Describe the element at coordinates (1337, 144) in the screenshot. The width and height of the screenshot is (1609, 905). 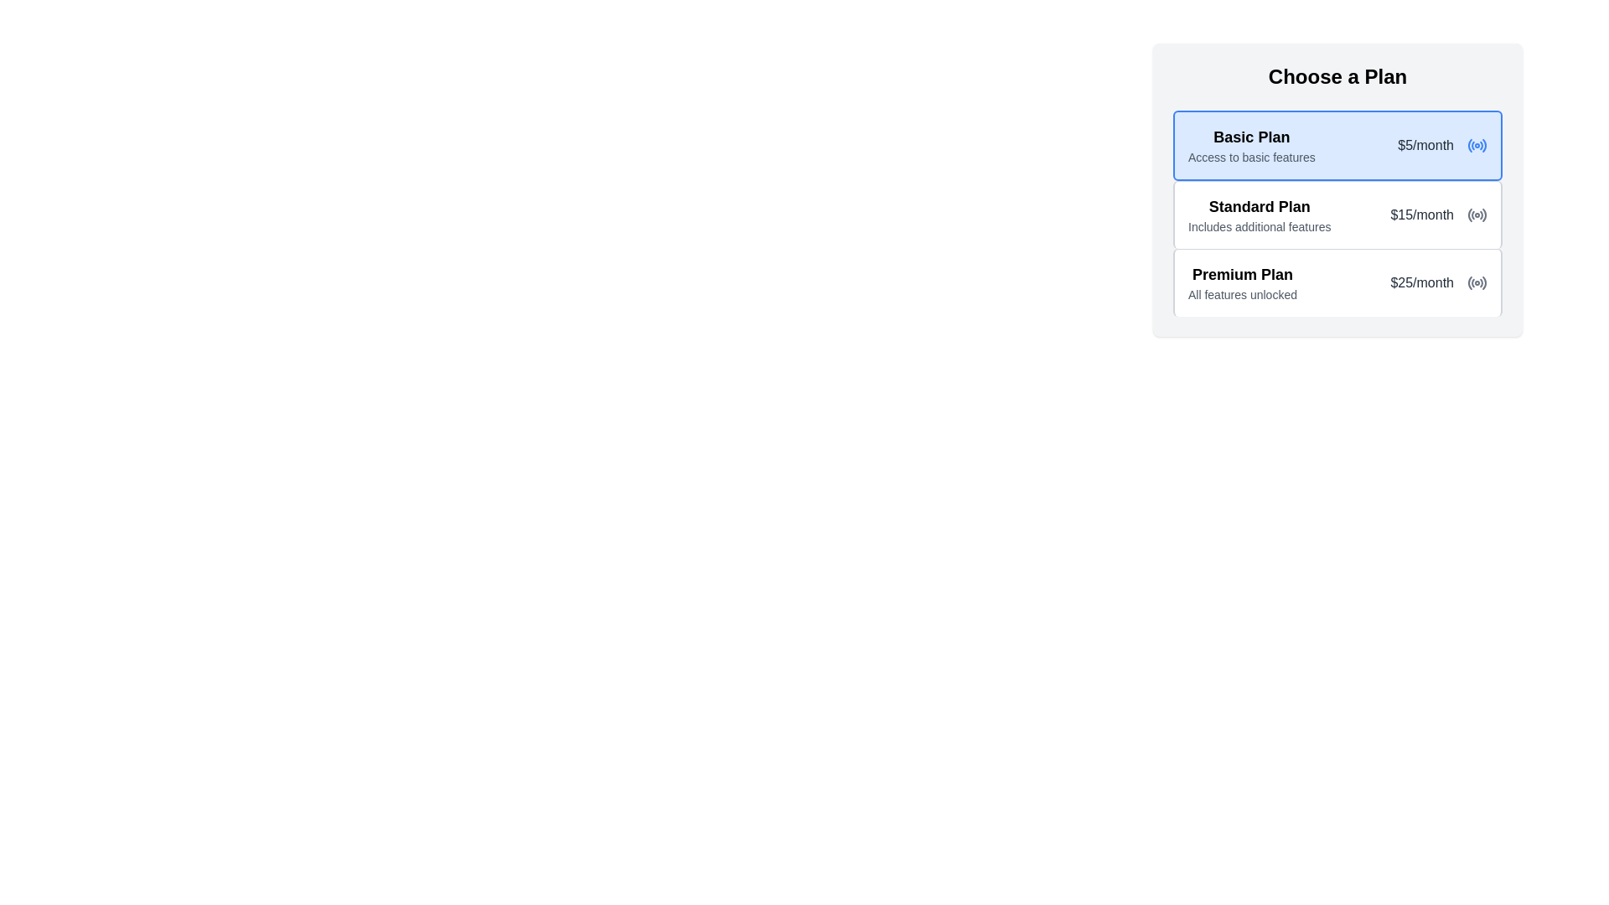
I see `the first Plan Option Card in the pricing interface to view its details` at that location.